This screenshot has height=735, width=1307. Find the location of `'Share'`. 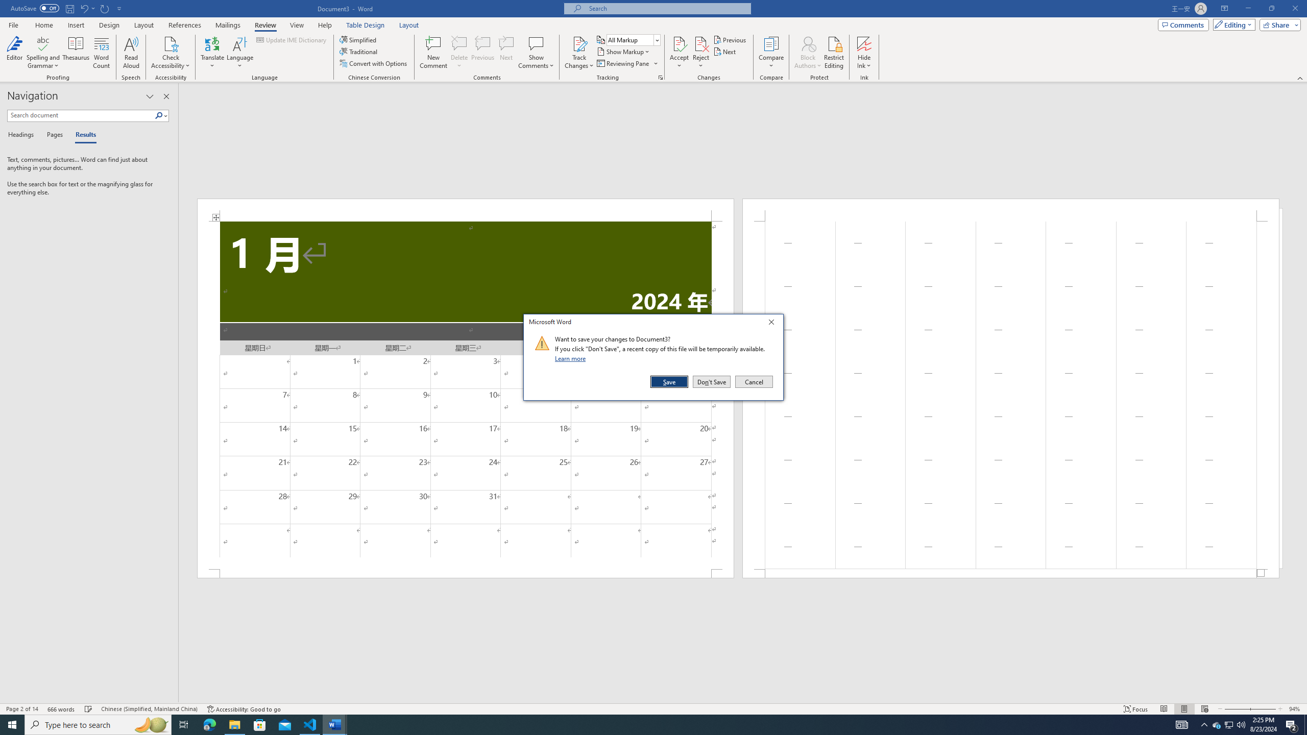

'Share' is located at coordinates (1277, 24).